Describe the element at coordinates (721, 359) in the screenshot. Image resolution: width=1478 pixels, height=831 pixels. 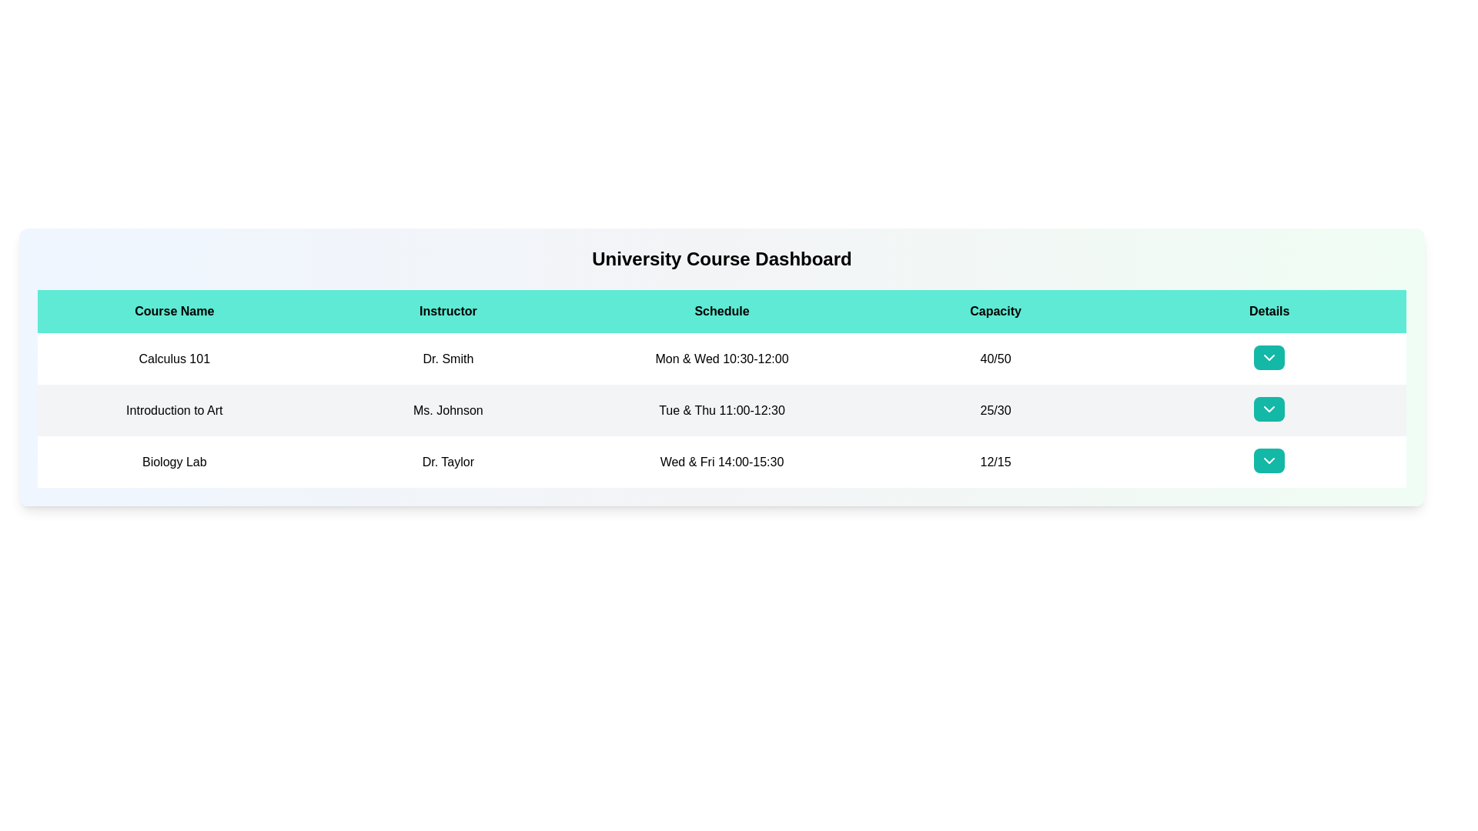
I see `the static text label displaying 'Mon & Wed 10:30-12:00' which is in the third column of the 'Calculus 101' course row` at that location.